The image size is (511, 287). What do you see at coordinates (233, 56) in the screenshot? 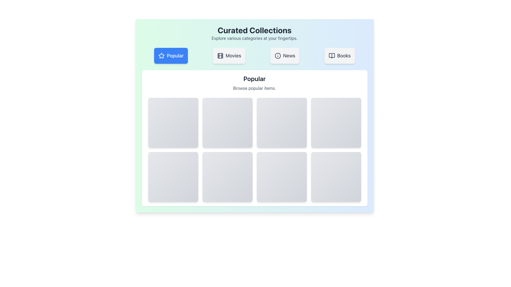
I see `the 'Movies' text label which indicates the purpose of the second button in the horizontal group under 'Curated Collections', situated between 'Popular' and 'News' buttons` at bounding box center [233, 56].